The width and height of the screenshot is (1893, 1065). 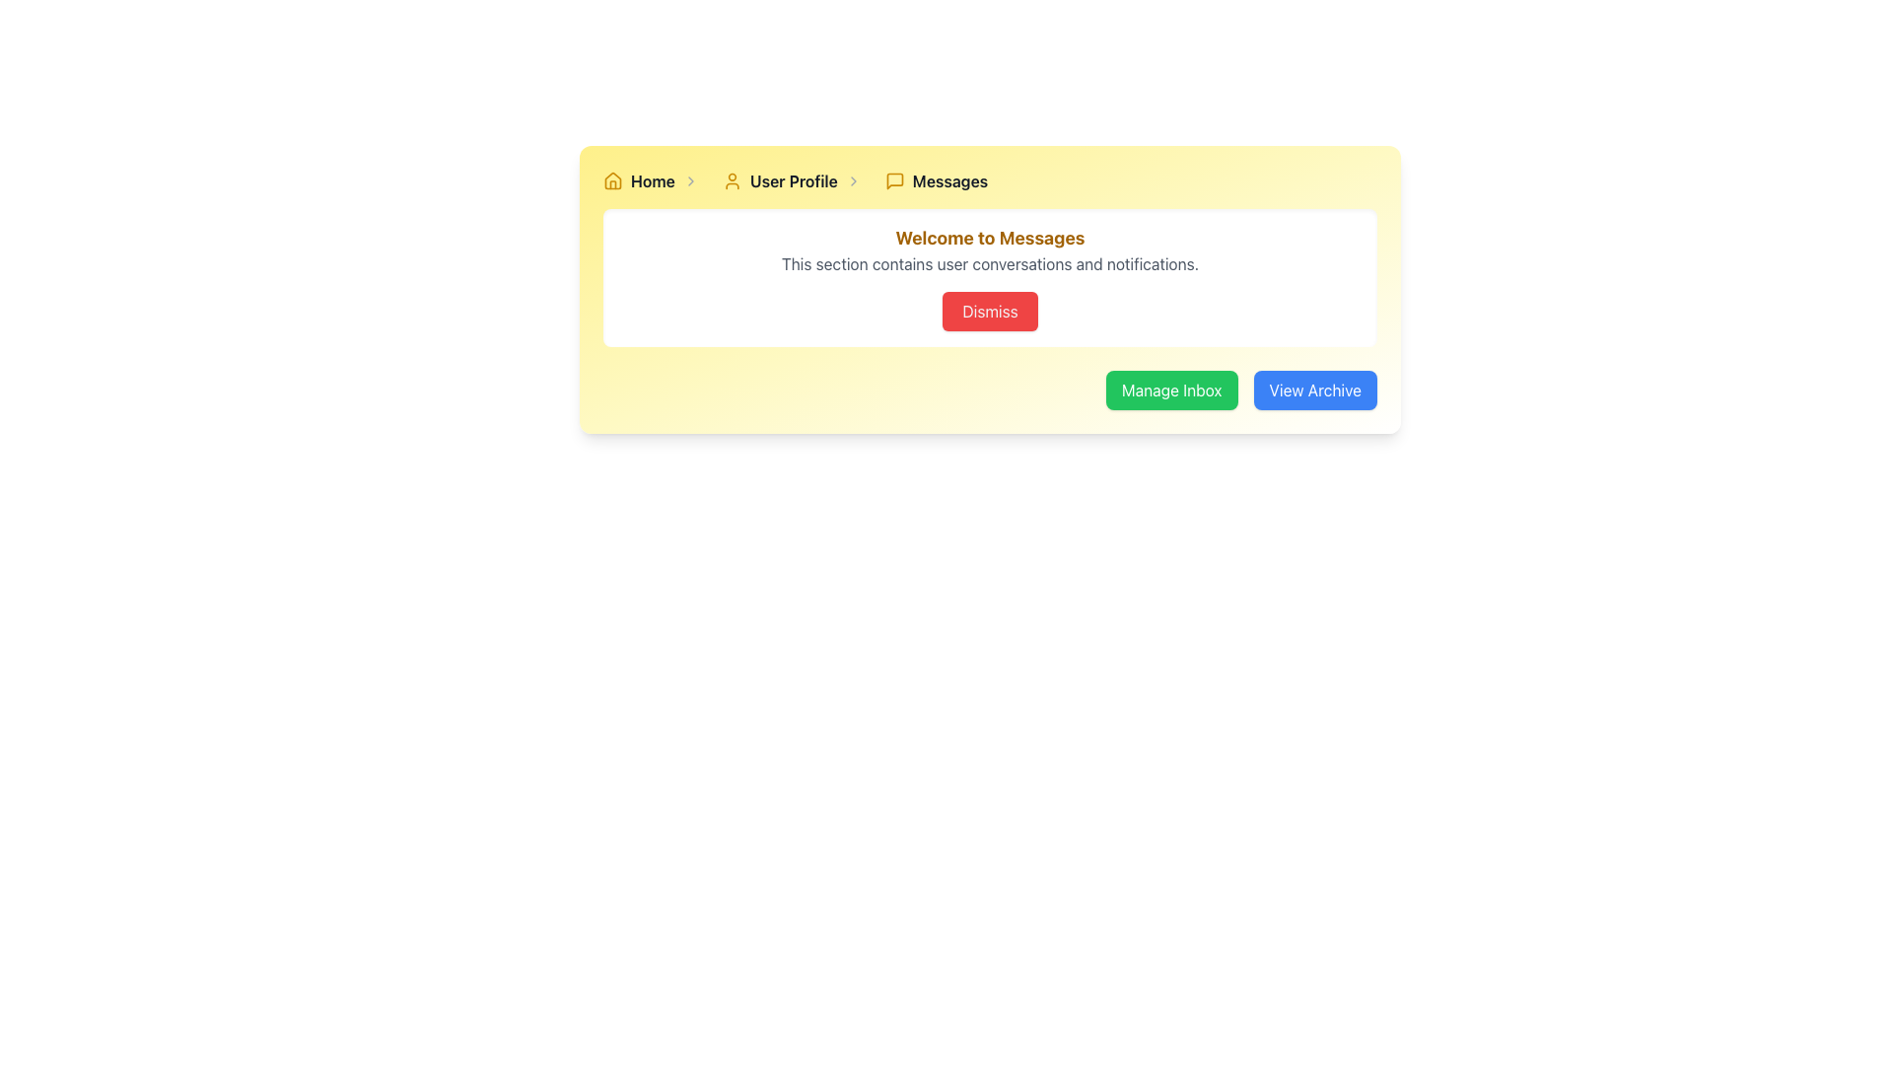 I want to click on the text element displaying 'Welcome to Messages', which is styled in bold, large yellow font on a white background, located at the top of a card, so click(x=990, y=238).